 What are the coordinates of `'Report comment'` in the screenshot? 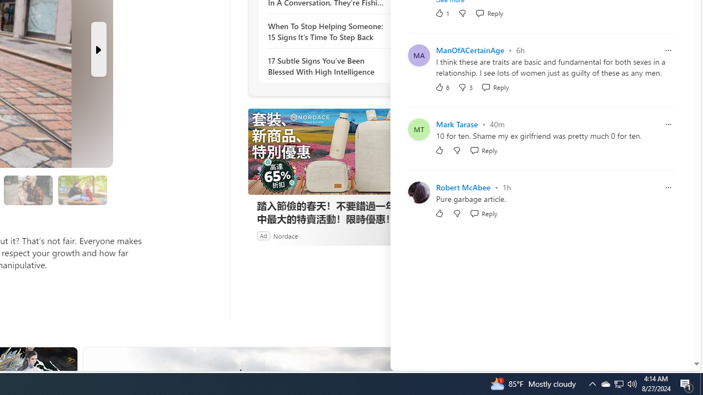 It's located at (667, 187).